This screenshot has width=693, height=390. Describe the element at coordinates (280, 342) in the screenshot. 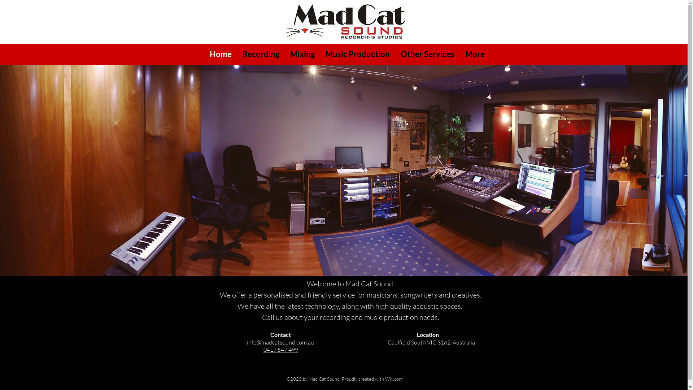

I see `'info@madcatsound.com.au'` at that location.